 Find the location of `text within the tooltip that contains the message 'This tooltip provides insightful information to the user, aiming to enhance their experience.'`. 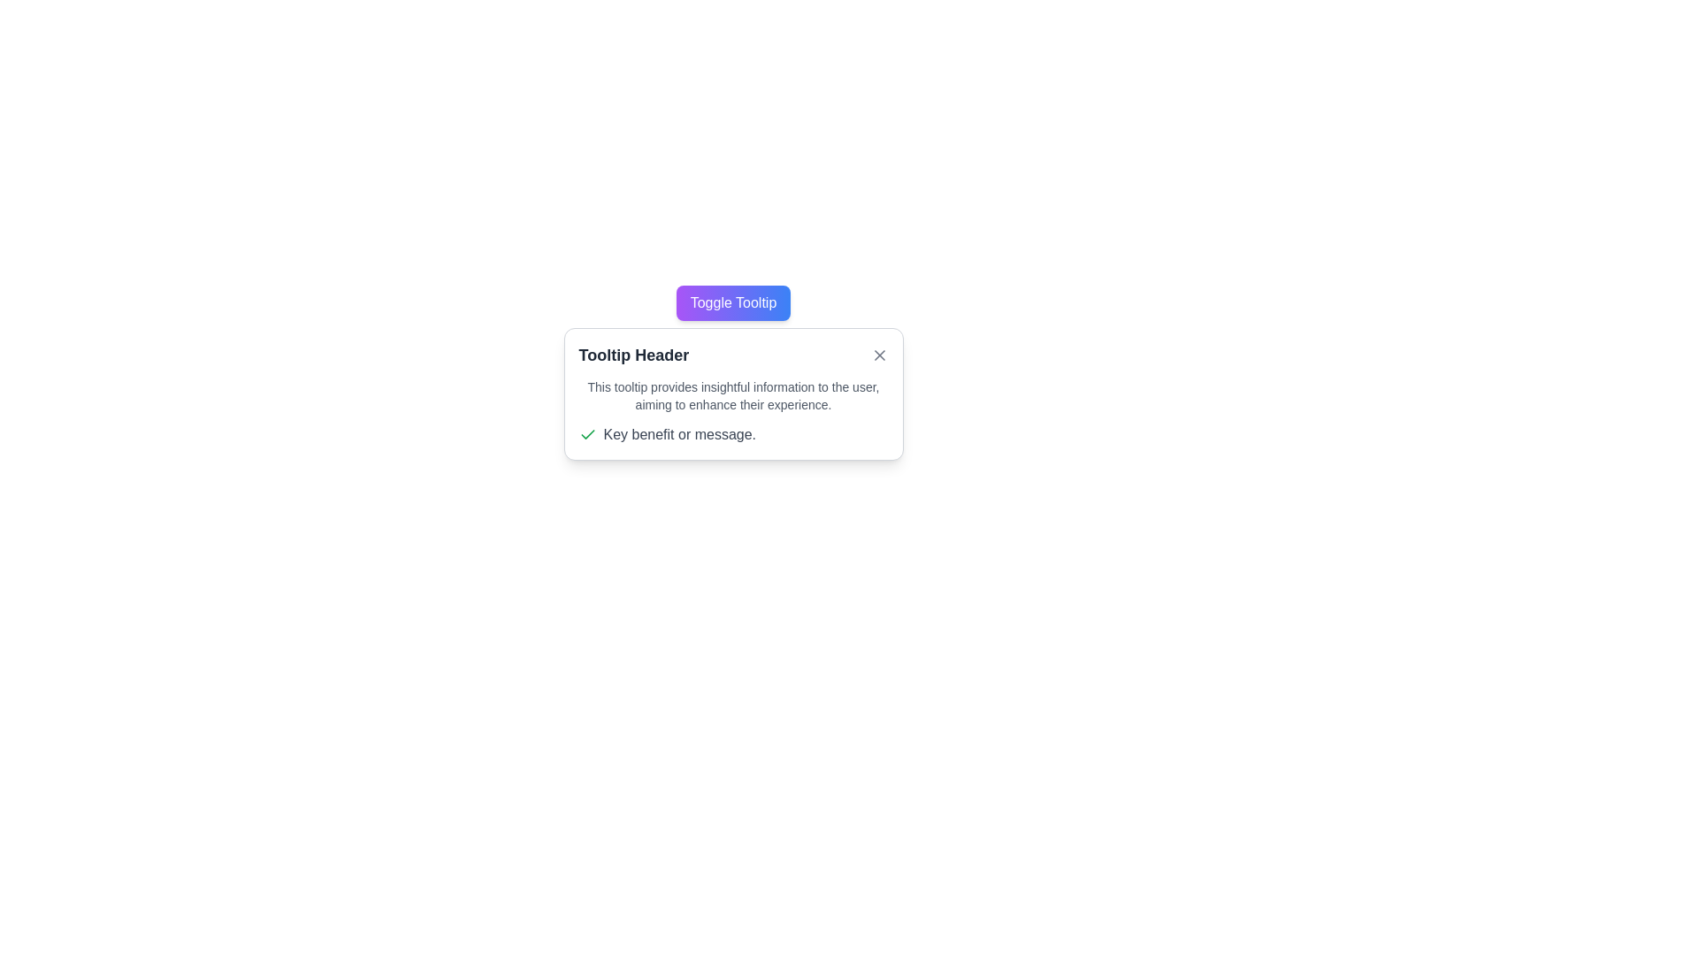

text within the tooltip that contains the message 'This tooltip provides insightful information to the user, aiming to enhance their experience.' is located at coordinates (733, 394).